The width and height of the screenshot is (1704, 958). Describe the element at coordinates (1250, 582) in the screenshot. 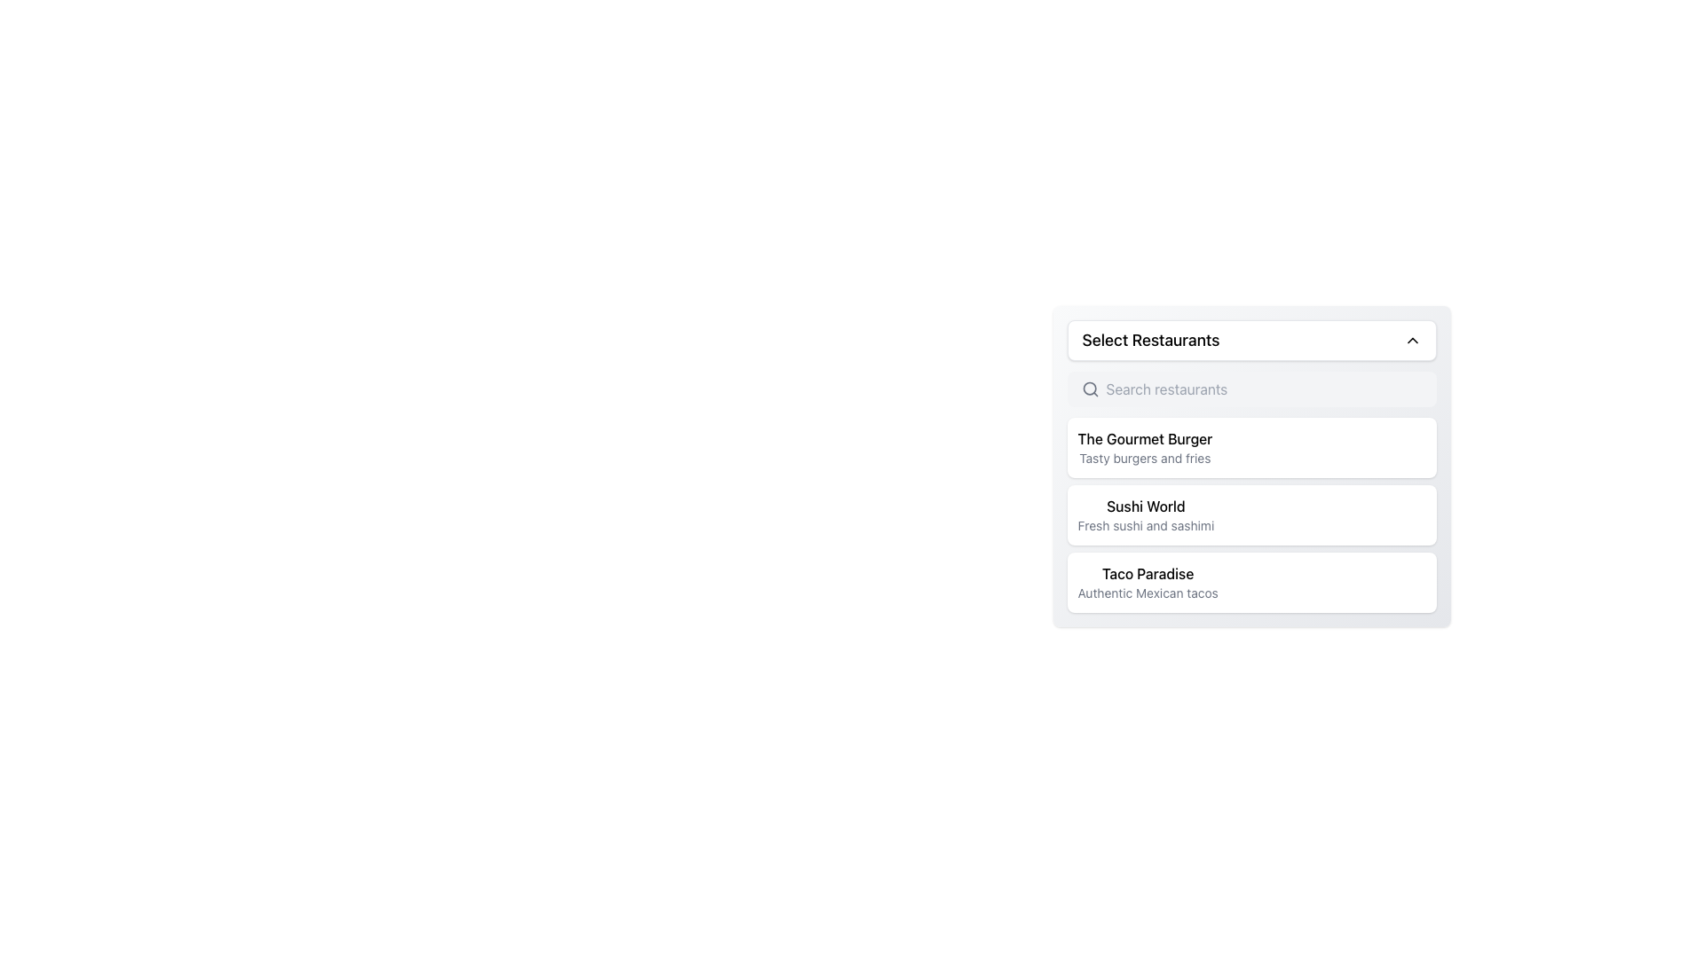

I see `the Informational Card titled 'Taco Paradise', which features a bold title and a subtitle, located below 'The Gourmet Burger' and 'Sushi World' in the 'Select Restaurants' list` at that location.